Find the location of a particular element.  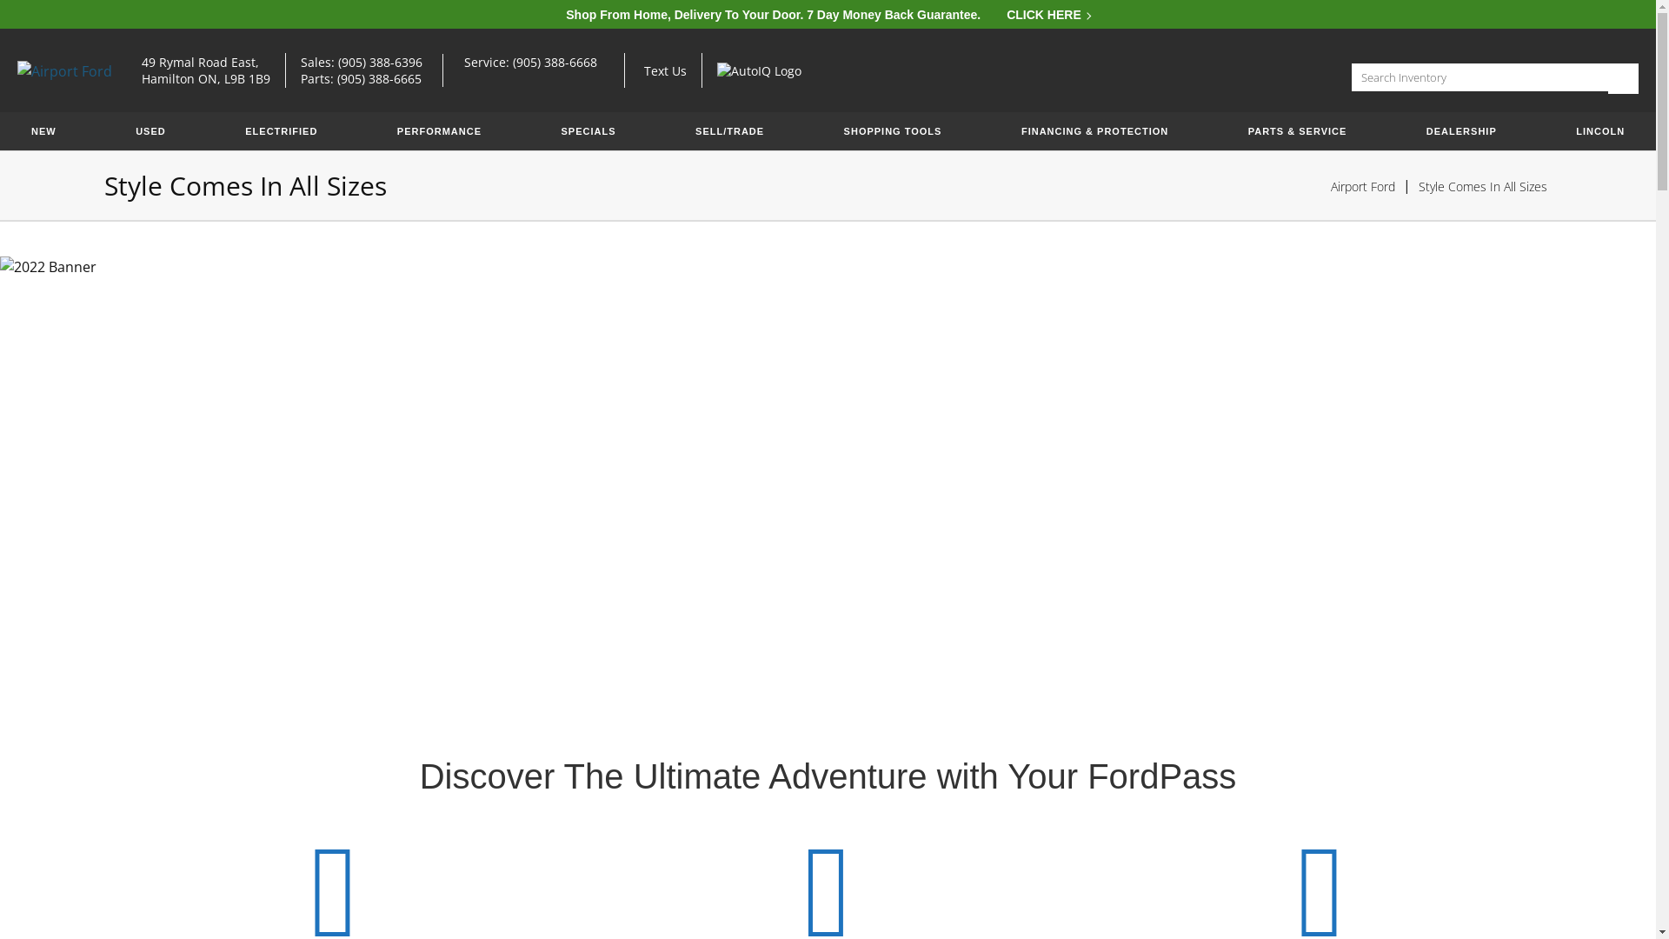

'Submit' is located at coordinates (1622, 78).